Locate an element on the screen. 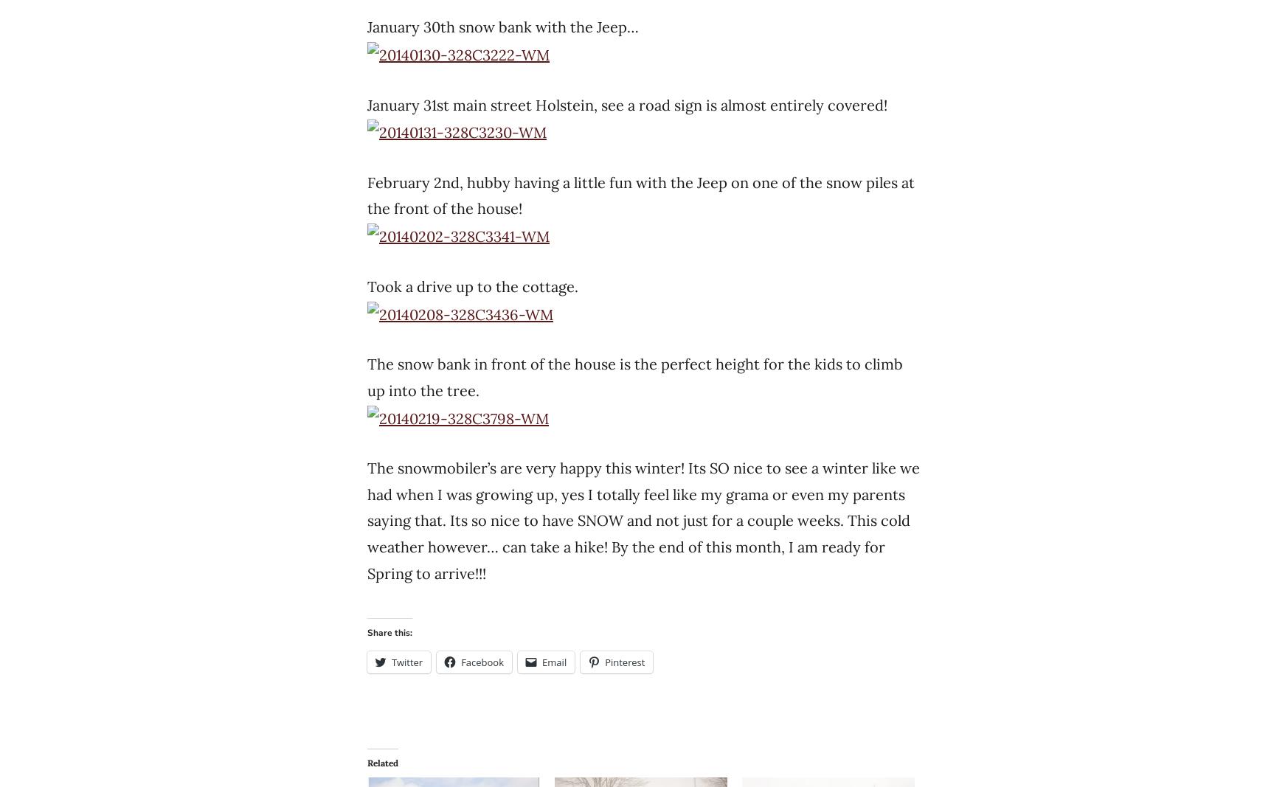 The image size is (1288, 787). 'January 30th snow bank with the Jeep…' is located at coordinates (502, 26).